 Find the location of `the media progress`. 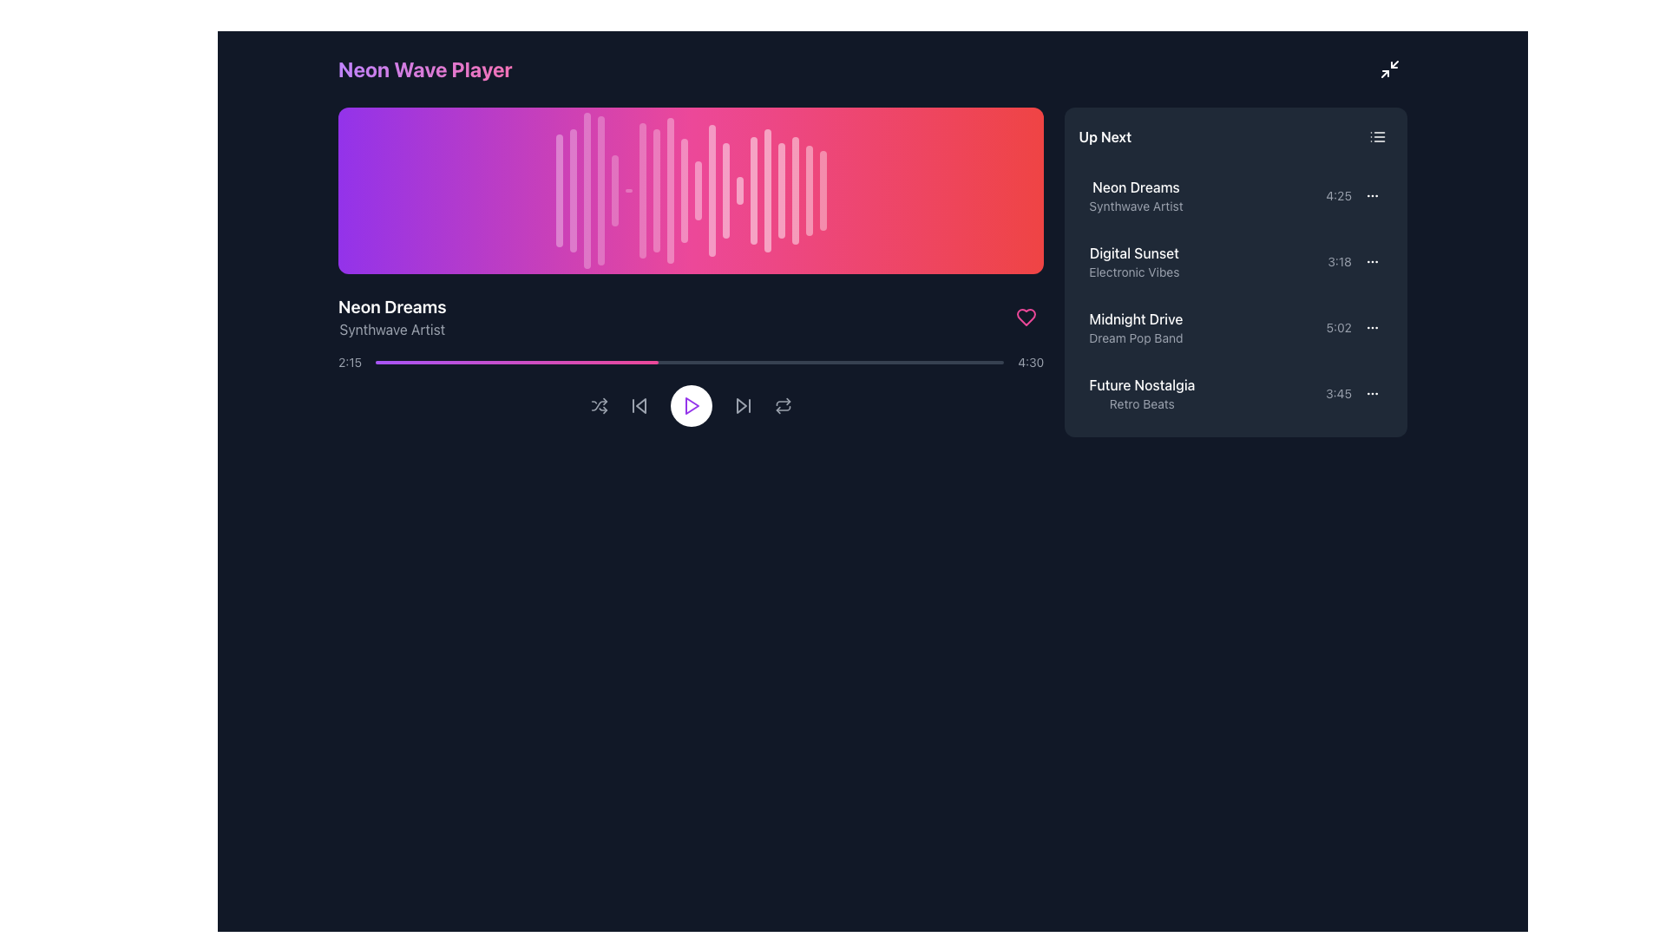

the media progress is located at coordinates (814, 361).